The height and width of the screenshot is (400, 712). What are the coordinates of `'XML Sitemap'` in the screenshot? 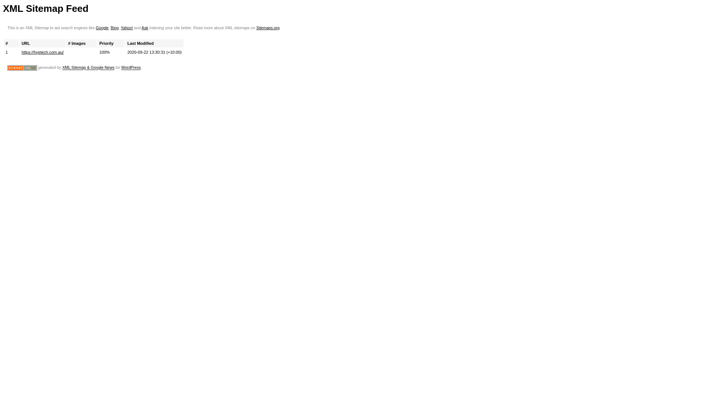 It's located at (22, 68).